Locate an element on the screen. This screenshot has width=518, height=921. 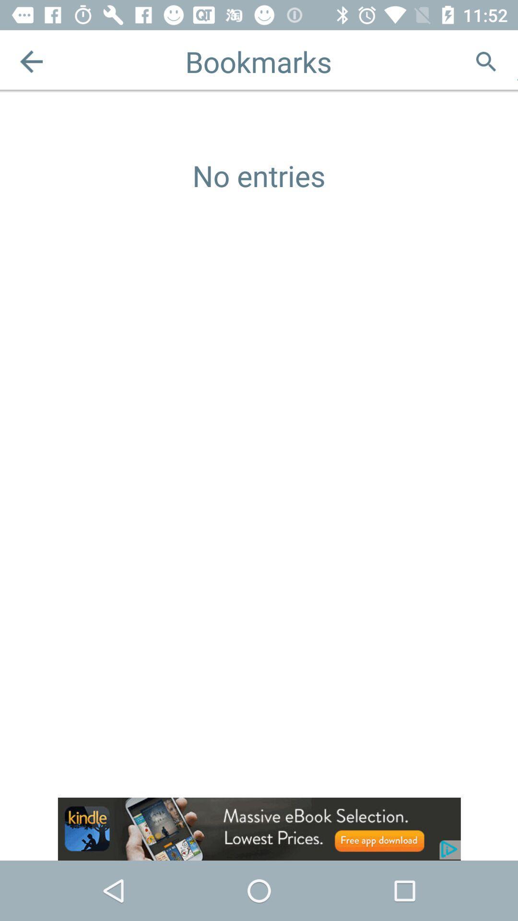
the search icon is located at coordinates (486, 61).